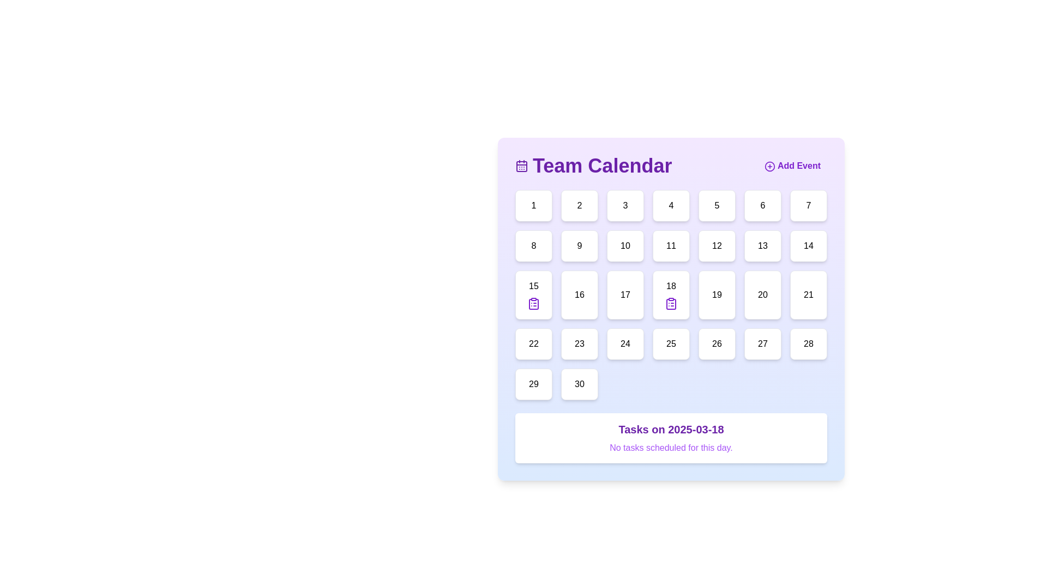 The height and width of the screenshot is (588, 1047). What do you see at coordinates (579, 246) in the screenshot?
I see `the square button with a white background and the number '9' in black, located in the second row and second column of the 'Team Calendar' panel` at bounding box center [579, 246].